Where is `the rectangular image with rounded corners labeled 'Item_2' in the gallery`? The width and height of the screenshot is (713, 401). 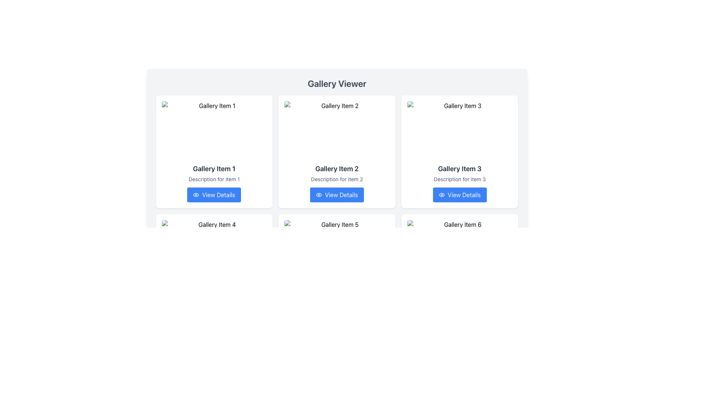 the rectangular image with rounded corners labeled 'Item_2' in the gallery is located at coordinates (336, 131).